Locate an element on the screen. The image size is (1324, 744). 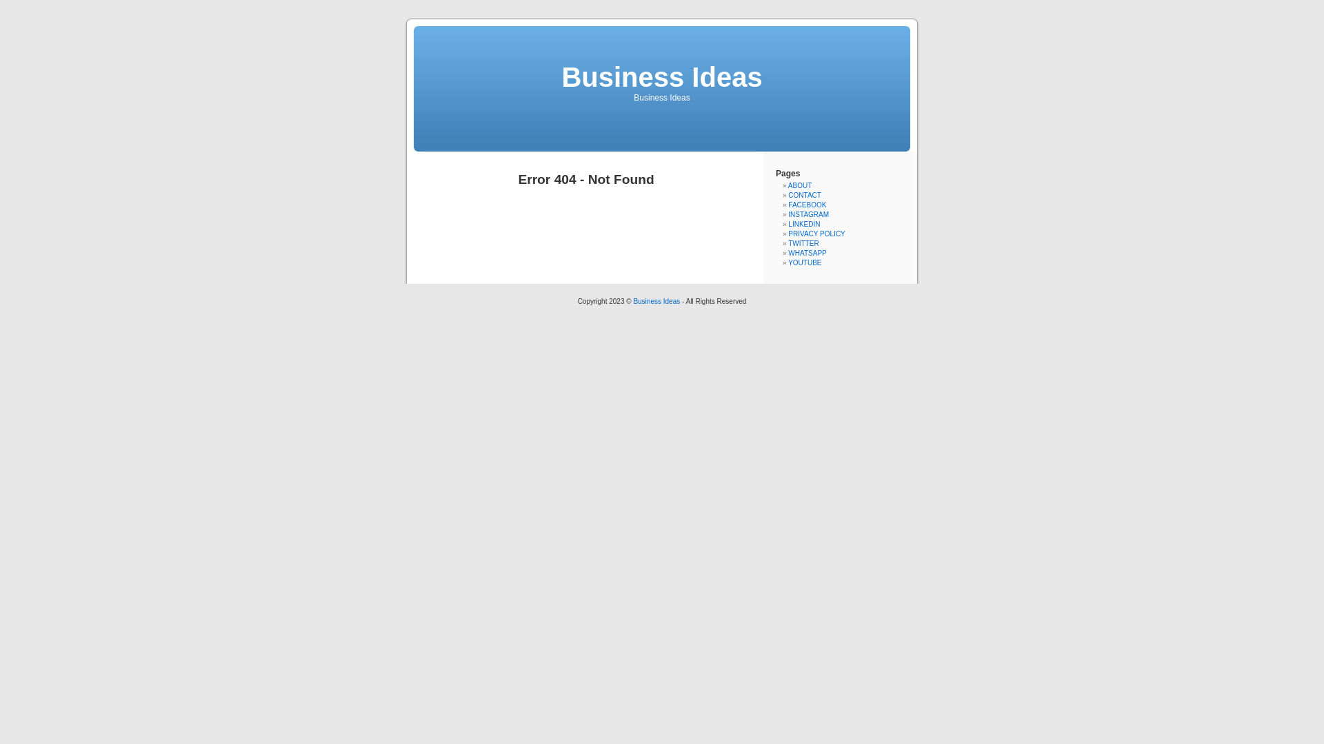
'INSTAGRAM' is located at coordinates (788, 214).